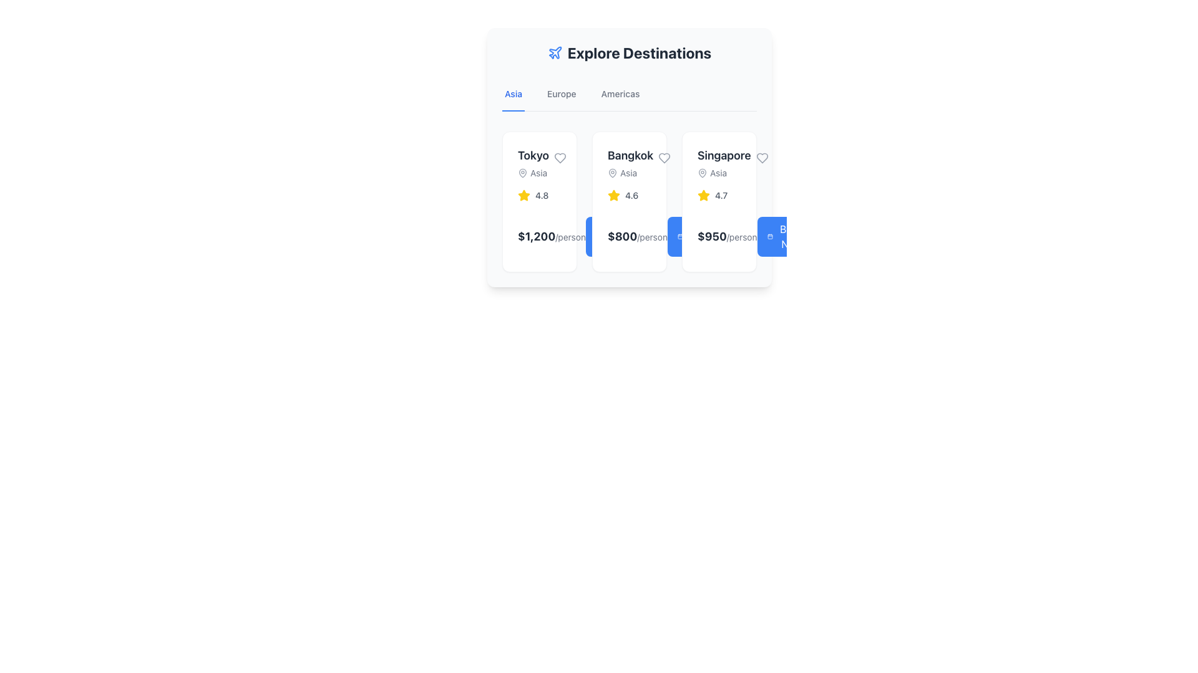  Describe the element at coordinates (704, 195) in the screenshot. I see `the star icon representing the rating value '4.7' located within the Singapore destination card of the Explore Destinations widget` at that location.